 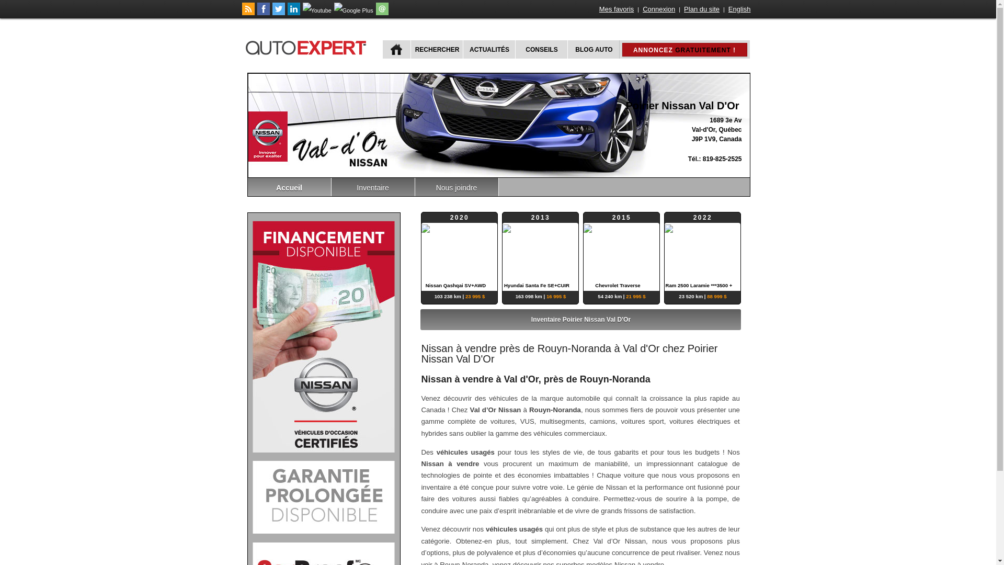 What do you see at coordinates (436, 49) in the screenshot?
I see `'RECHERCHER'` at bounding box center [436, 49].